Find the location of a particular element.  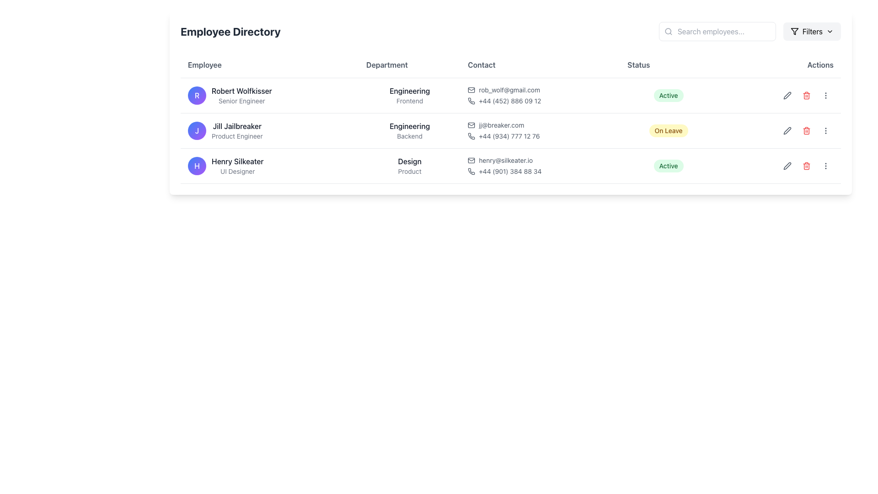

the text label indicating the department of the employee, positioned in the 'Department' column of the third row, to the right of 'Henry Silkeater - UI Designer' and above 'Product' is located at coordinates (409, 161).